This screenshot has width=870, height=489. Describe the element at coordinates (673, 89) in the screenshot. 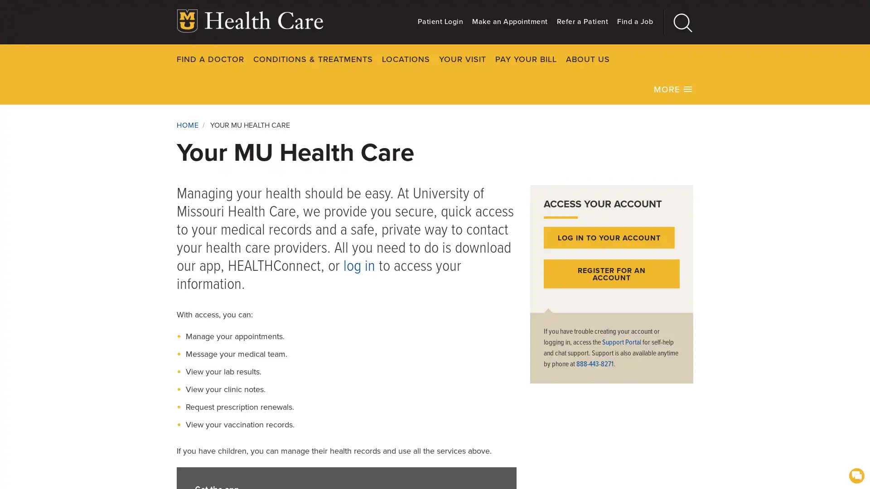

I see `MORE` at that location.